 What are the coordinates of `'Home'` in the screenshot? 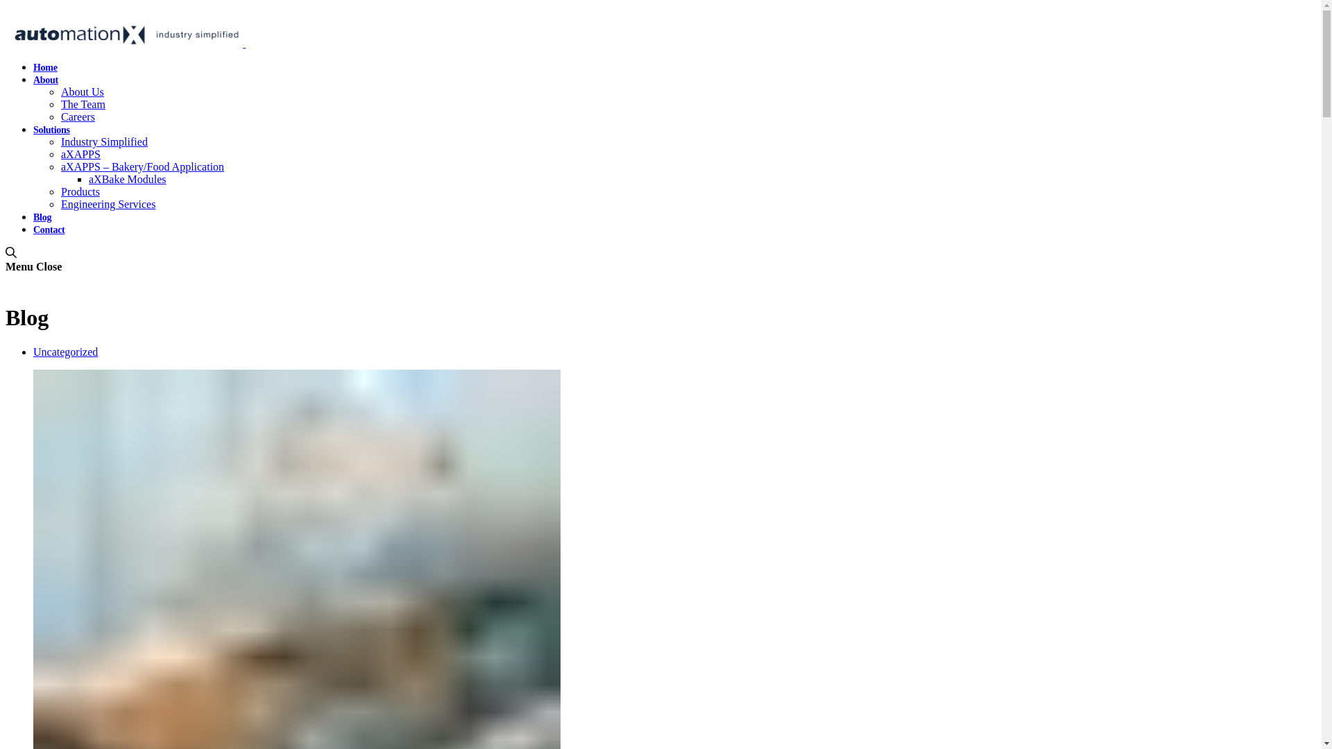 It's located at (45, 67).